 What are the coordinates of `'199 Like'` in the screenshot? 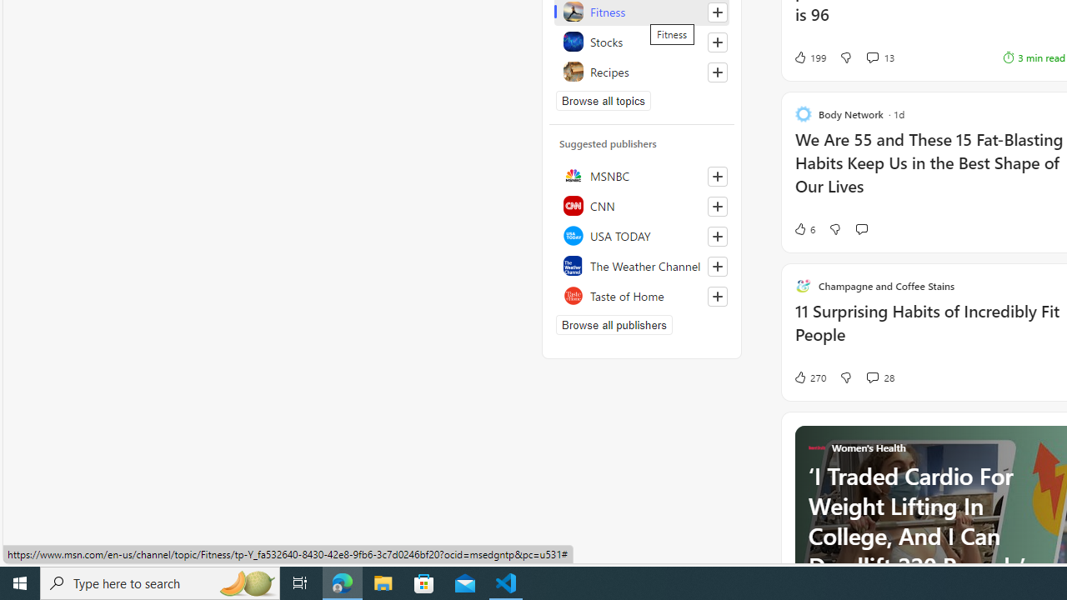 It's located at (809, 56).